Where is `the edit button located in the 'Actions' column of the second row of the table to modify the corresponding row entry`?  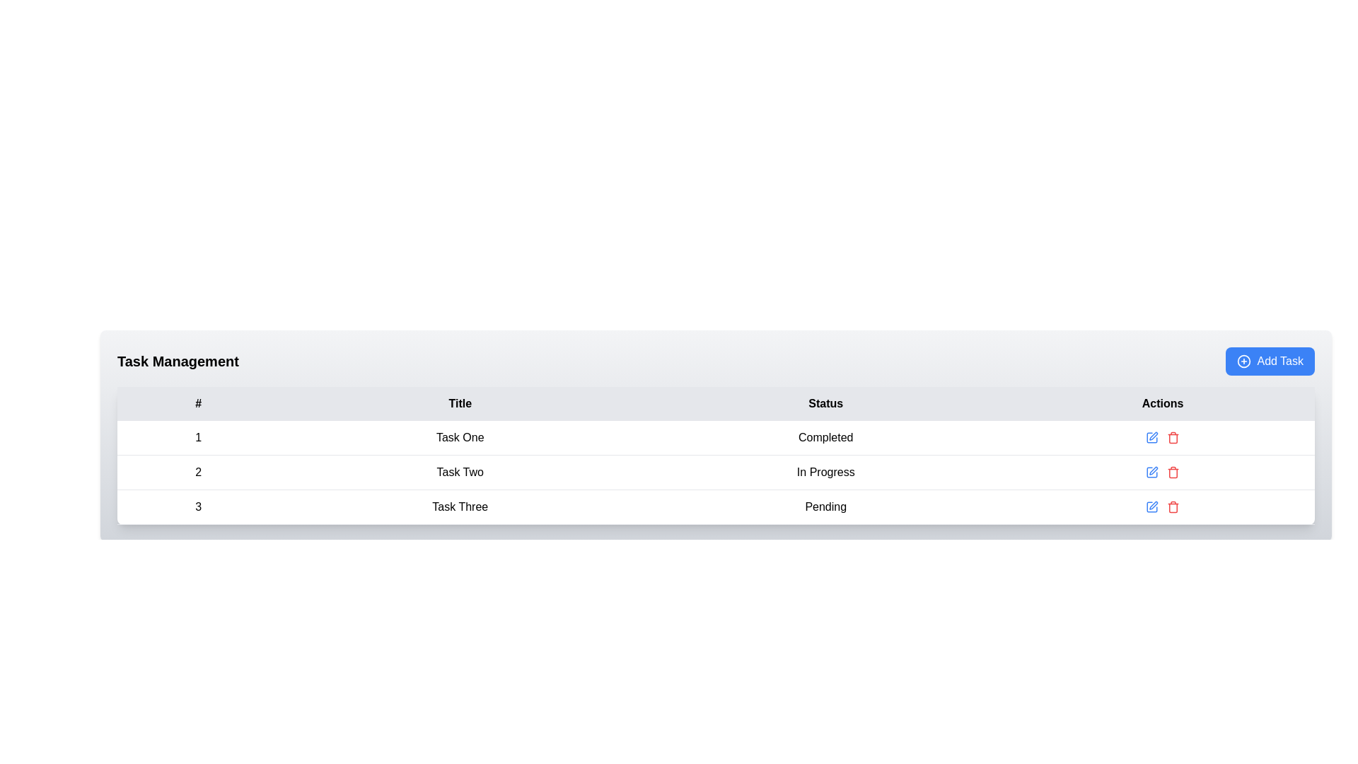 the edit button located in the 'Actions' column of the second row of the table to modify the corresponding row entry is located at coordinates (1152, 436).